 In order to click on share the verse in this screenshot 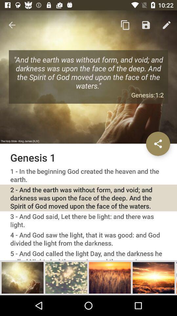, I will do `click(158, 144)`.